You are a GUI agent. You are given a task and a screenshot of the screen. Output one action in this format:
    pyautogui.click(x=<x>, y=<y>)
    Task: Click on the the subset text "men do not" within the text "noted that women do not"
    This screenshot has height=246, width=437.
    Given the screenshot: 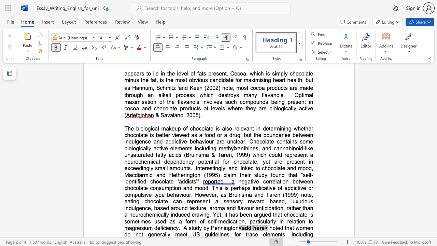 What is the action you would take?
    pyautogui.click(x=302, y=228)
    